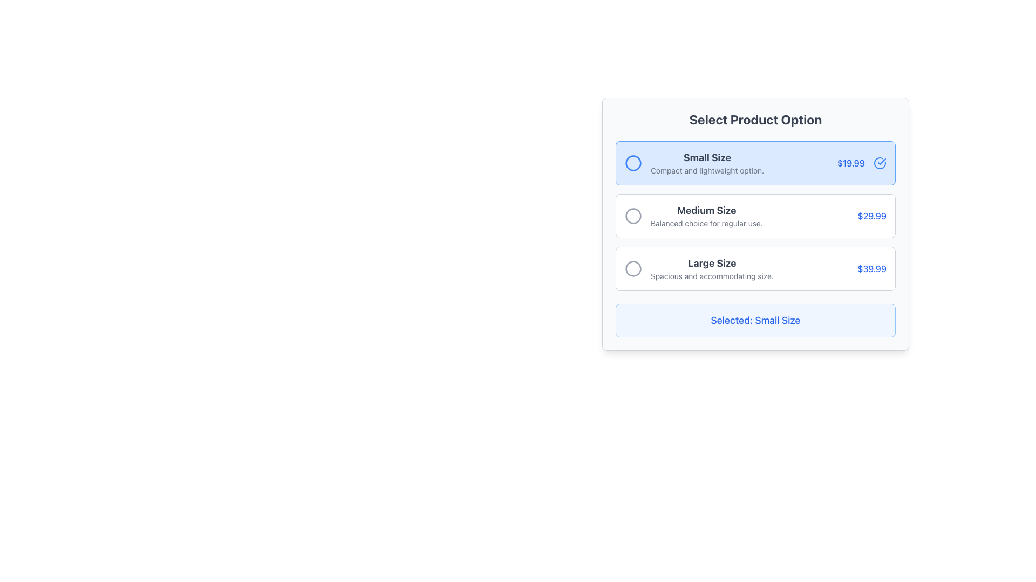  I want to click on the 'Large Size' text label that is styled in bold, large gray font and serves as a header within the third product option group in the 'Select Product Option' dialog box, so click(712, 264).